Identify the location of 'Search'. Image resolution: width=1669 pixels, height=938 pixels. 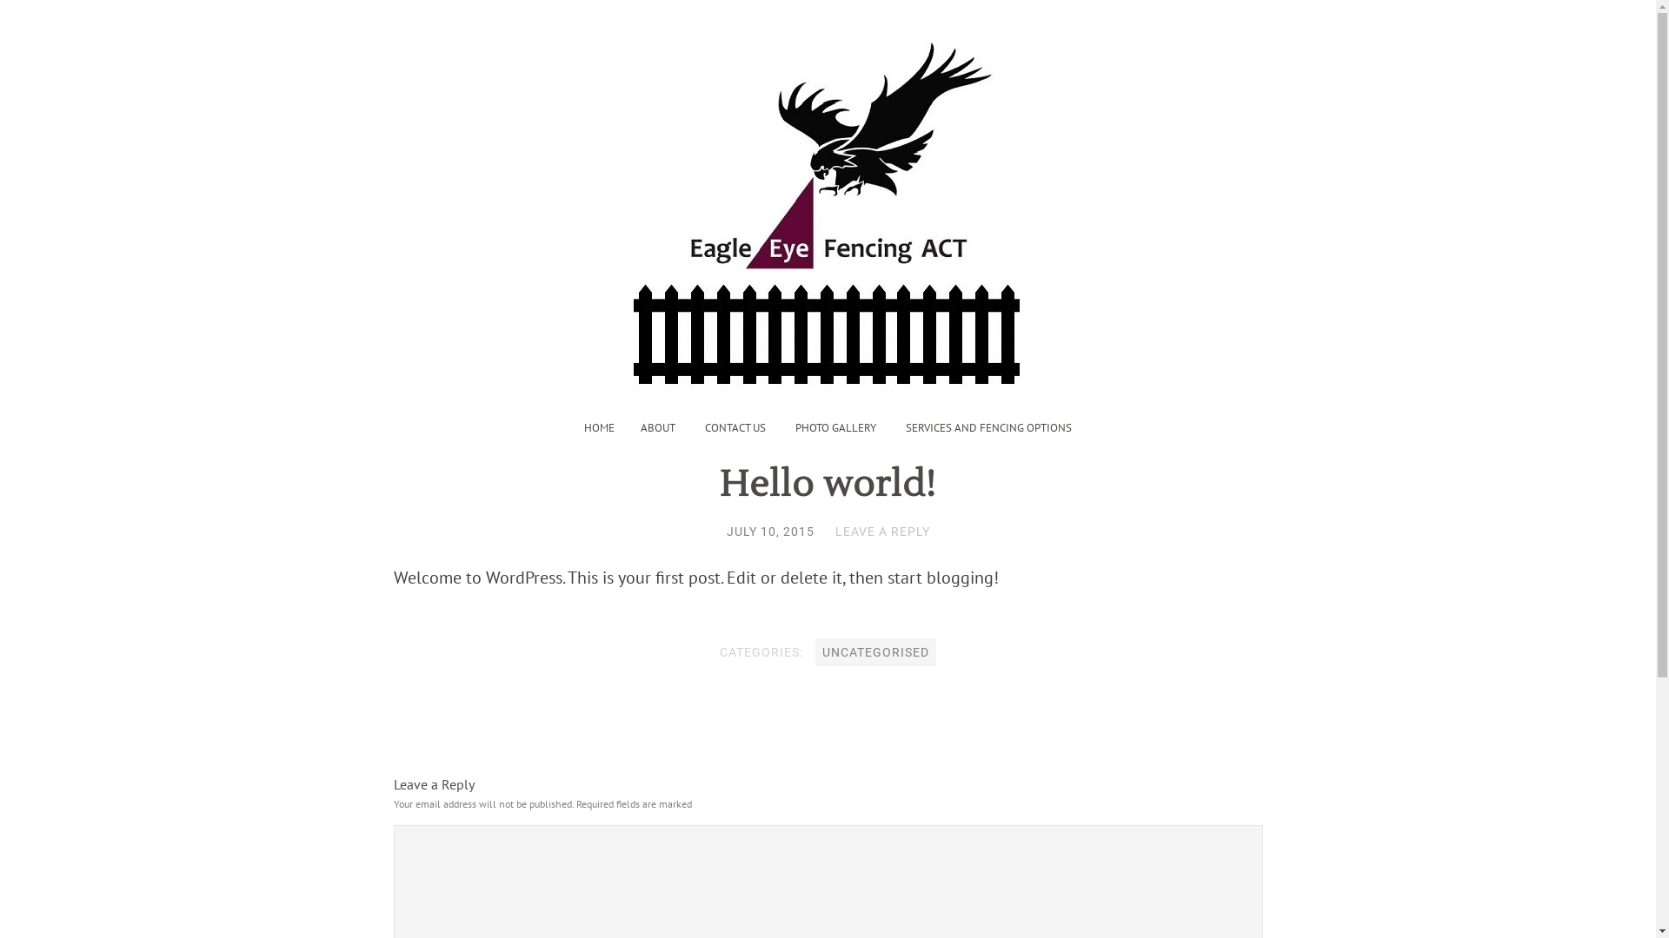
(34, 13).